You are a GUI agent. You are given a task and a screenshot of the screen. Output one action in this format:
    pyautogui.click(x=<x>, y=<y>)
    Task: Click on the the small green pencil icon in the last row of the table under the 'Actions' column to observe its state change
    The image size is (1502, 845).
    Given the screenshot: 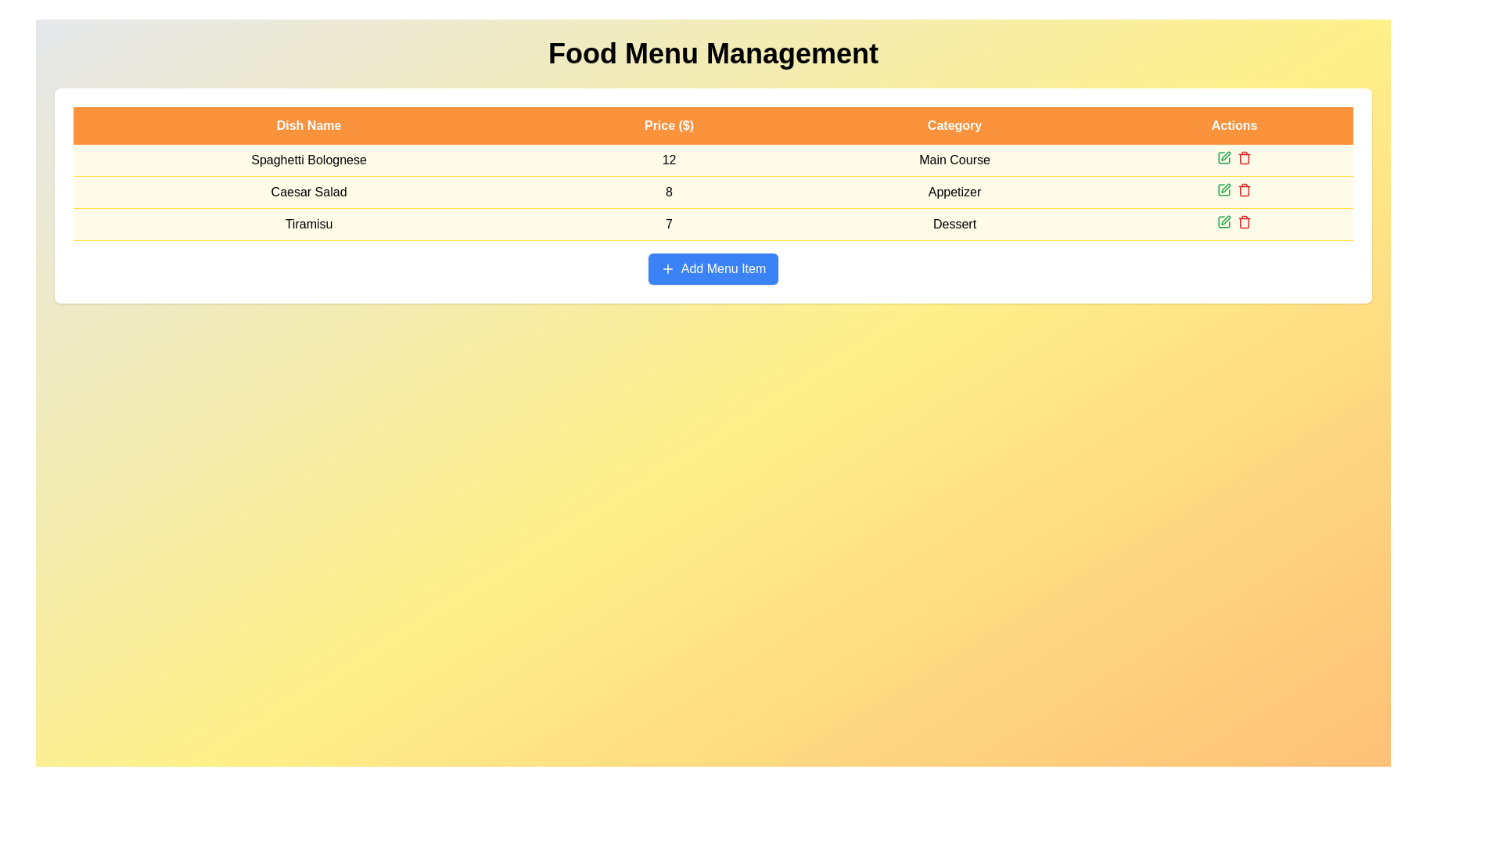 What is the action you would take?
    pyautogui.click(x=1223, y=222)
    